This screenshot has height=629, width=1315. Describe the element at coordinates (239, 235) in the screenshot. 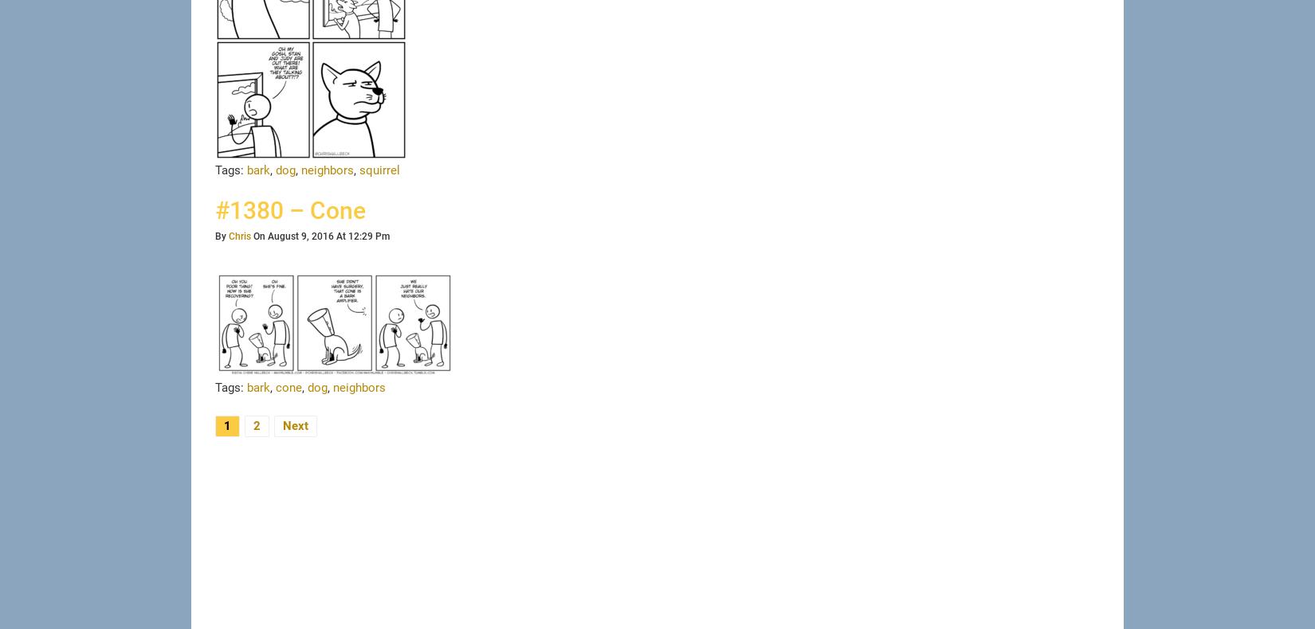

I see `'Chris'` at that location.